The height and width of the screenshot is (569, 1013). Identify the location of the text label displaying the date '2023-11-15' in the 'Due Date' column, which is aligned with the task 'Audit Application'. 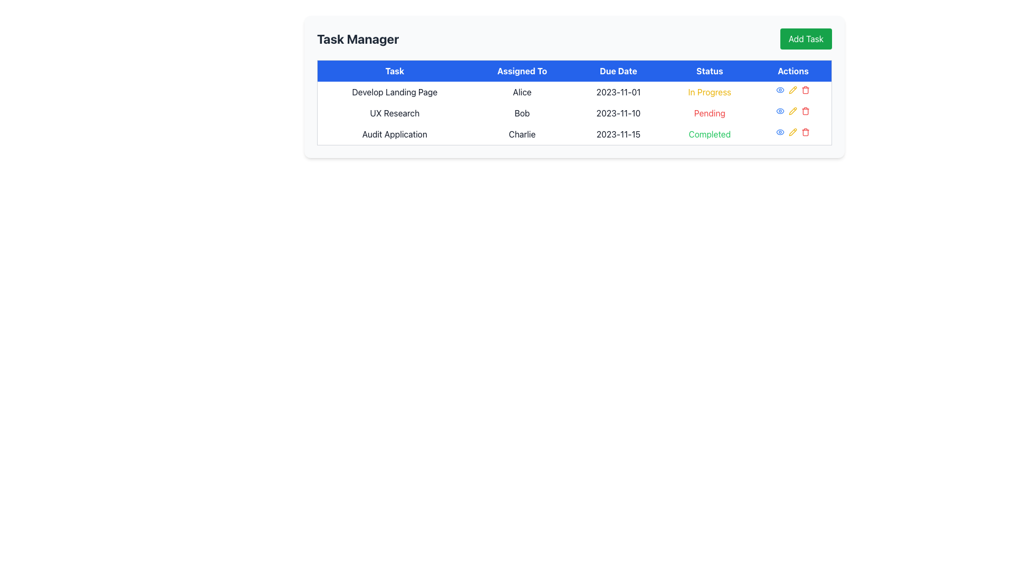
(618, 134).